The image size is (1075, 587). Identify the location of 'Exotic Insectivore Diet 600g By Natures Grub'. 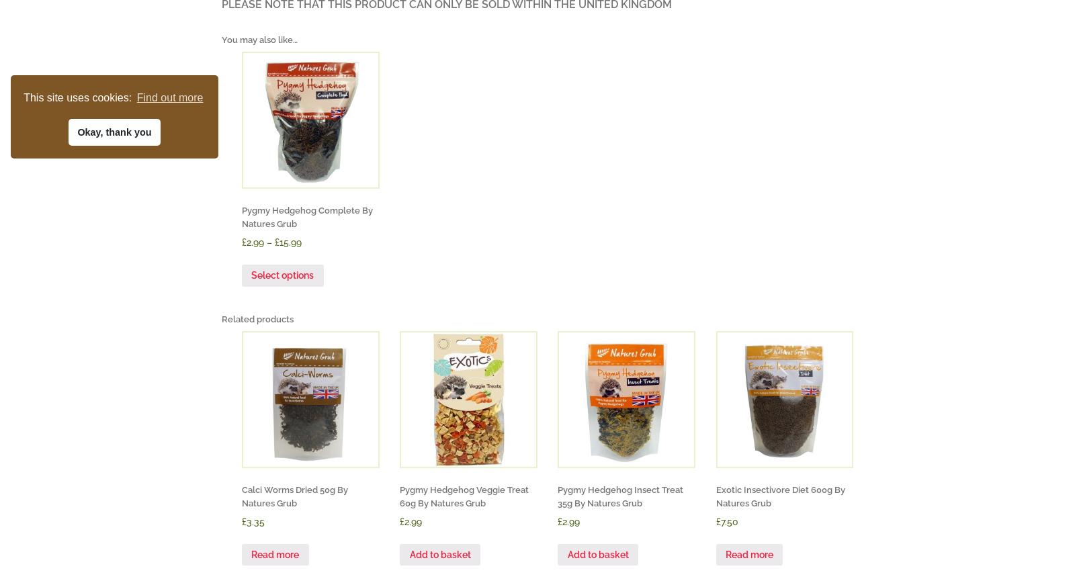
(779, 495).